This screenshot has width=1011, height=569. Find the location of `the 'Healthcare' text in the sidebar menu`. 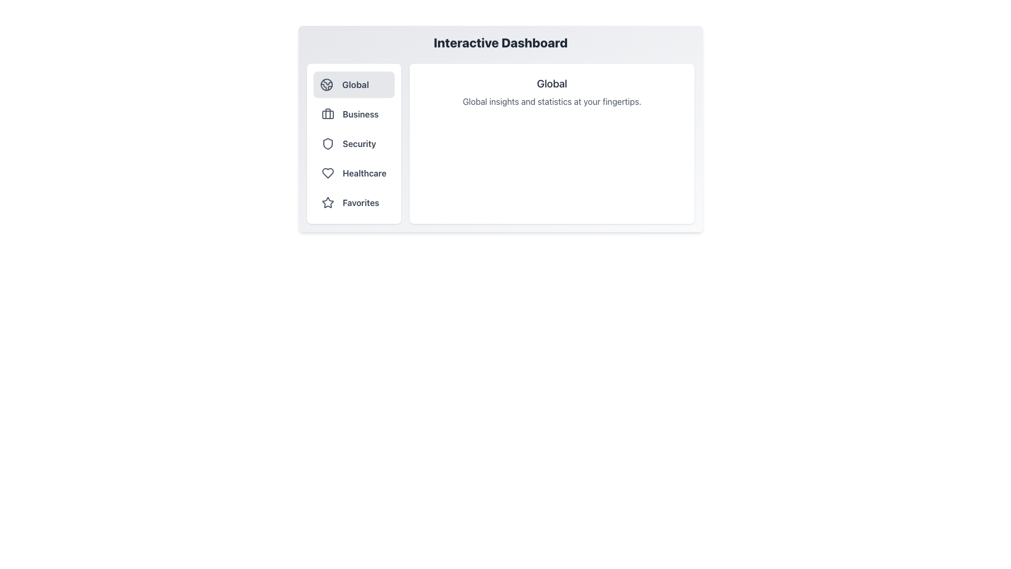

the 'Healthcare' text in the sidebar menu is located at coordinates (364, 172).